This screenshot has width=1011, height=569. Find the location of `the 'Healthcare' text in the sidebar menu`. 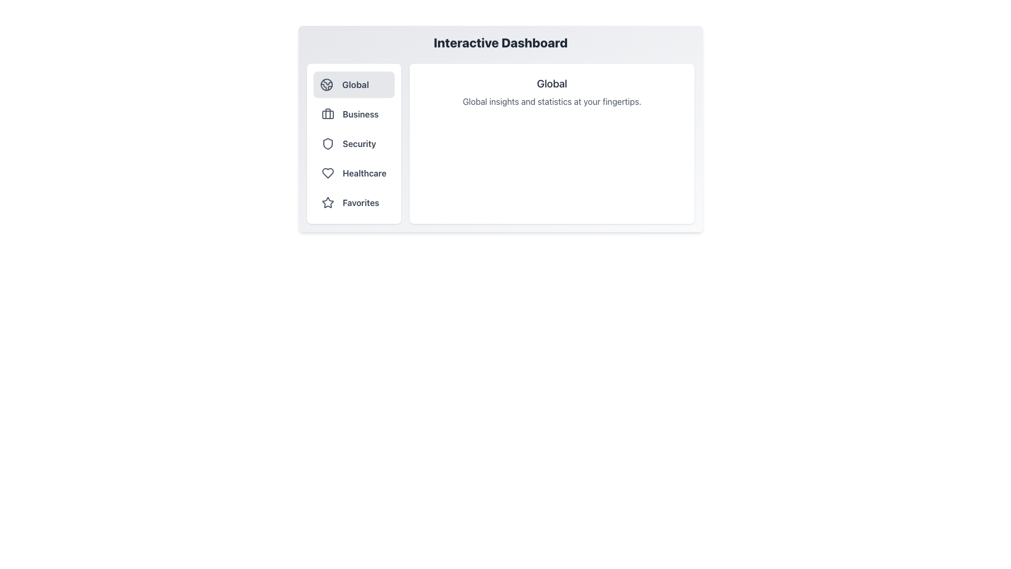

the 'Healthcare' text in the sidebar menu is located at coordinates (364, 172).